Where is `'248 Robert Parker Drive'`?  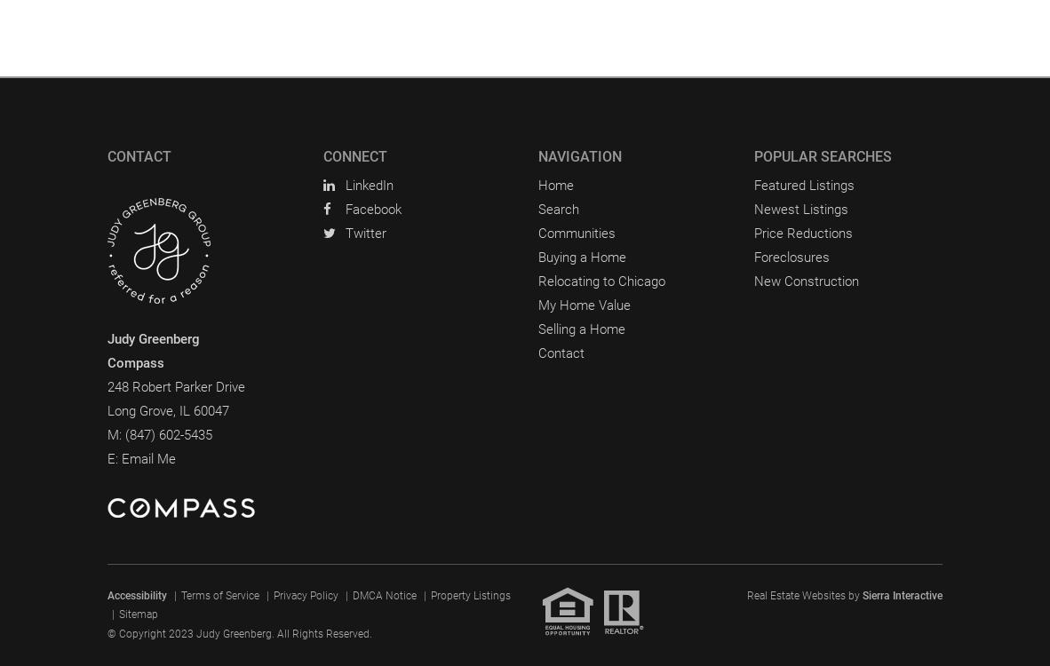 '248 Robert Parker Drive' is located at coordinates (107, 385).